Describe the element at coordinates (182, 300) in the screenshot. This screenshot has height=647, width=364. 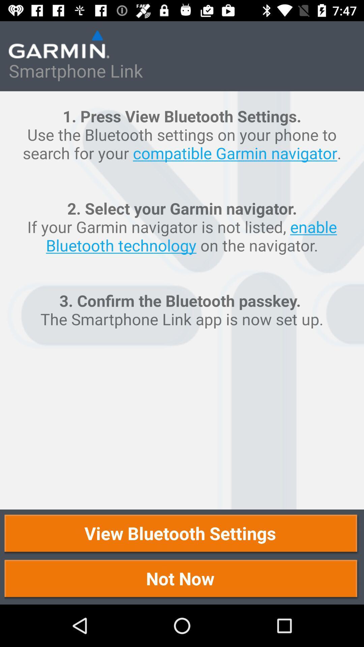
I see `1 press view item` at that location.